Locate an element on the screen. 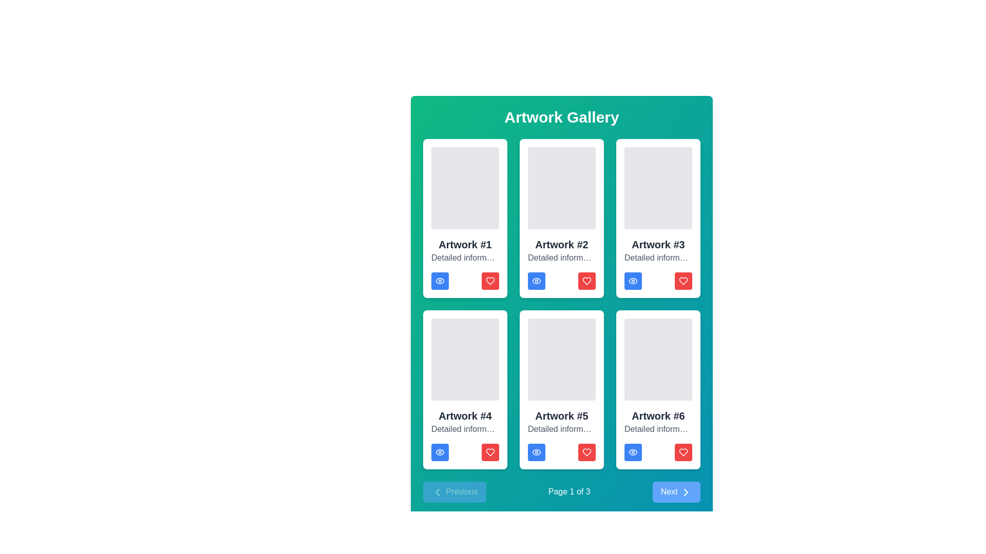  the topmost rectangular placeholder area with a light gray background and rounded corners within the card titled 'Artwork #1' is located at coordinates (465, 188).